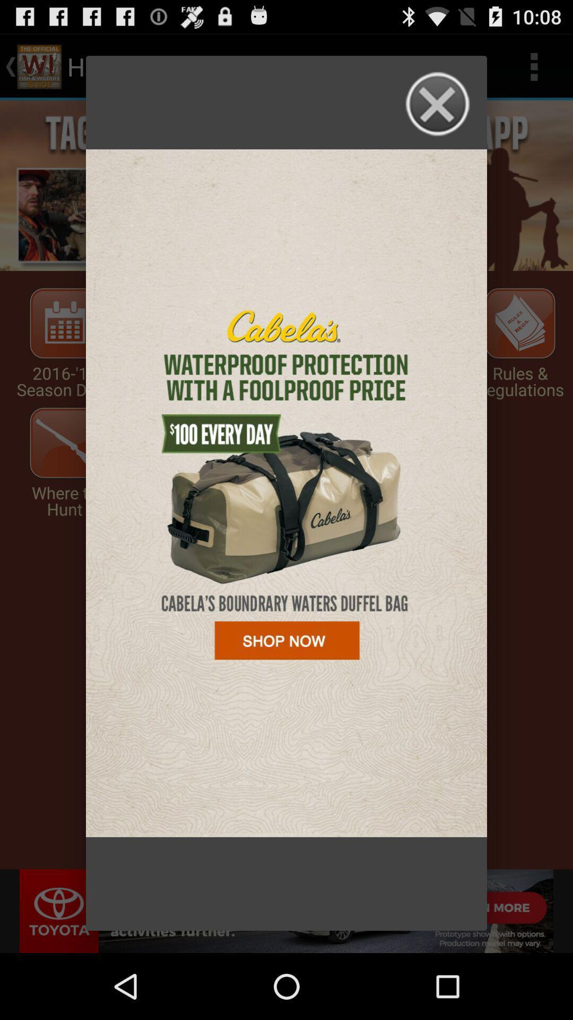 This screenshot has width=573, height=1020. I want to click on close, so click(438, 104).